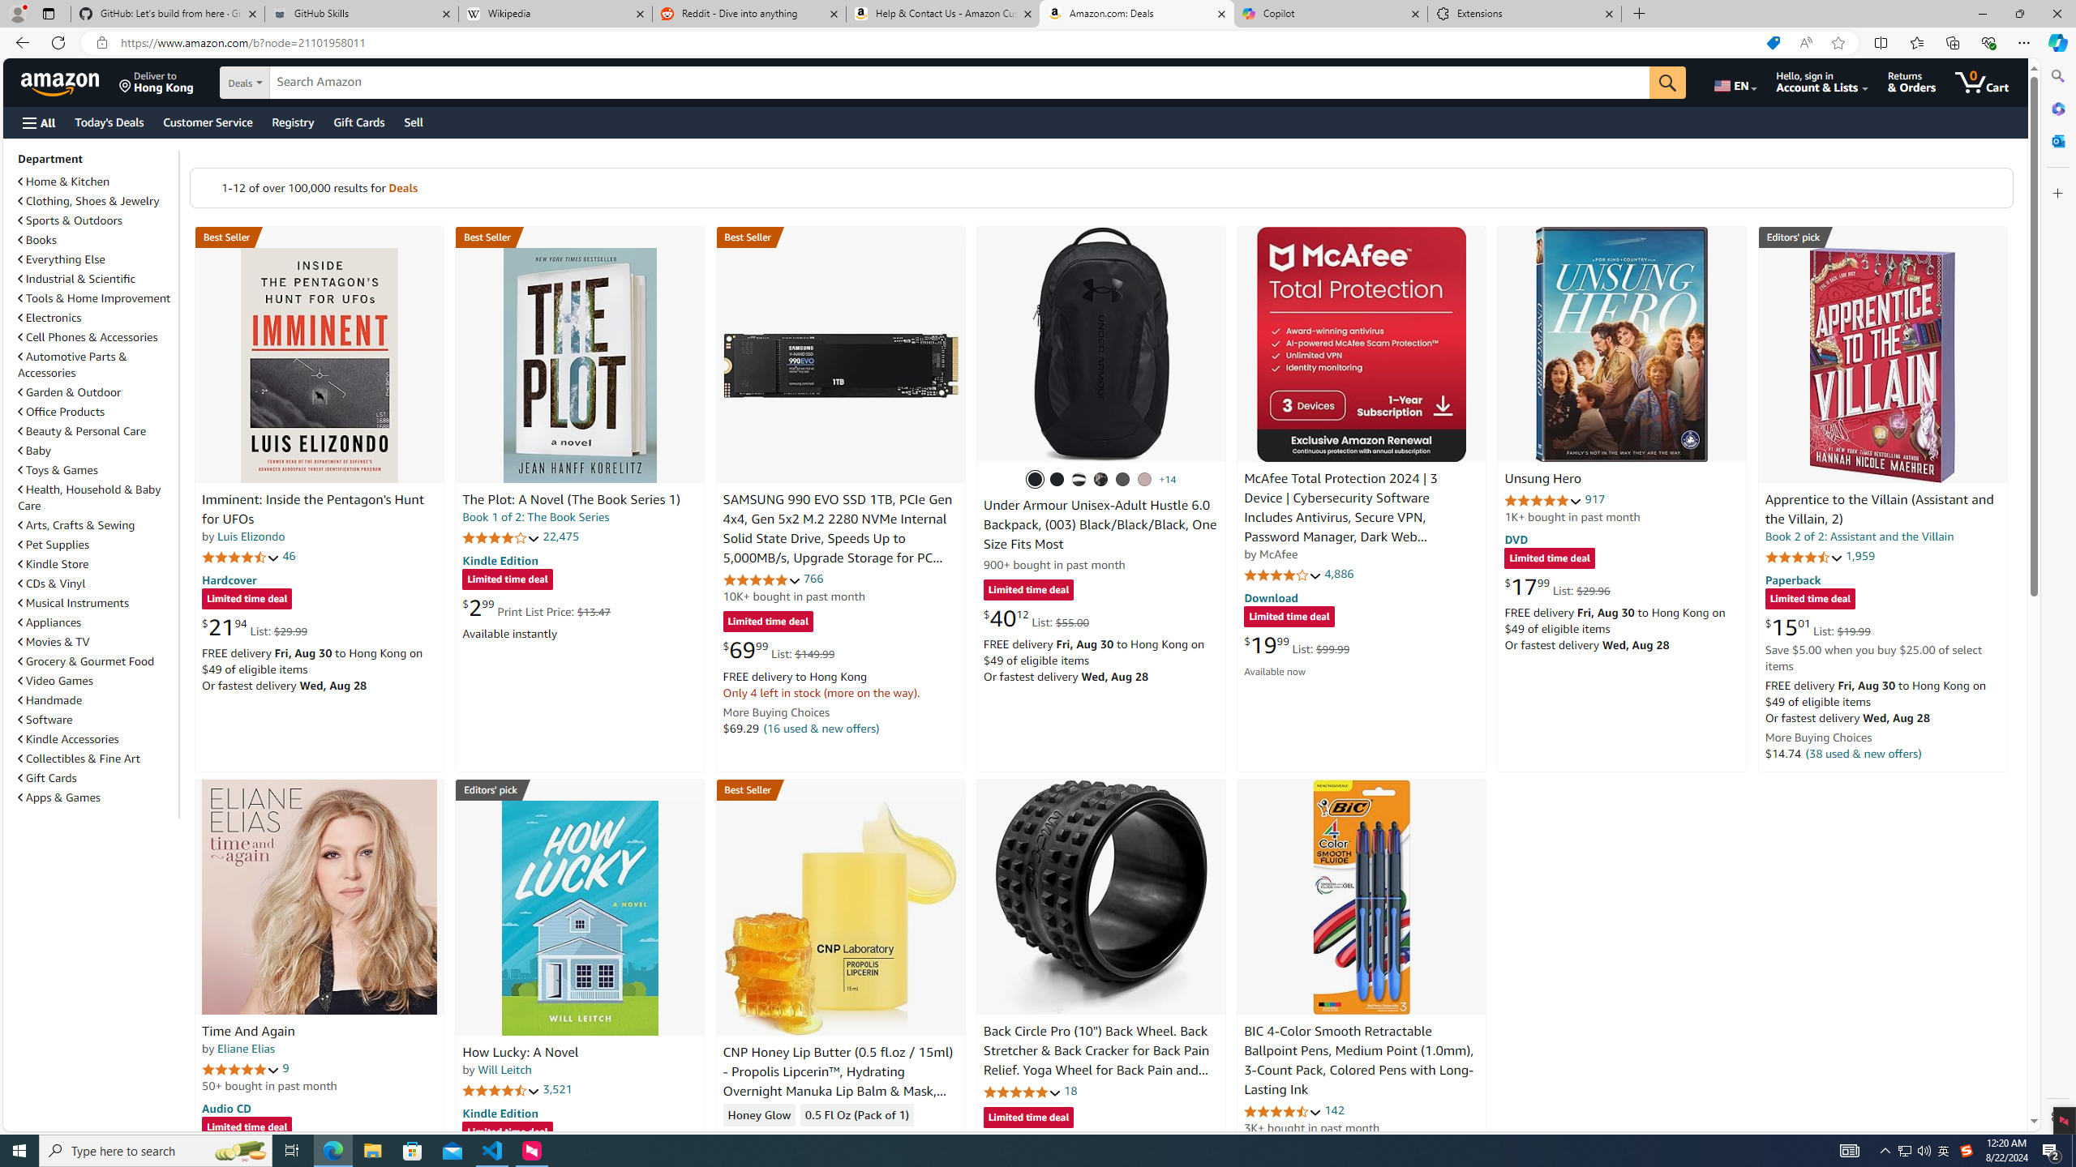 This screenshot has height=1167, width=2076. What do you see at coordinates (2056, 41) in the screenshot?
I see `'Copilot (Ctrl+Shift+.)'` at bounding box center [2056, 41].